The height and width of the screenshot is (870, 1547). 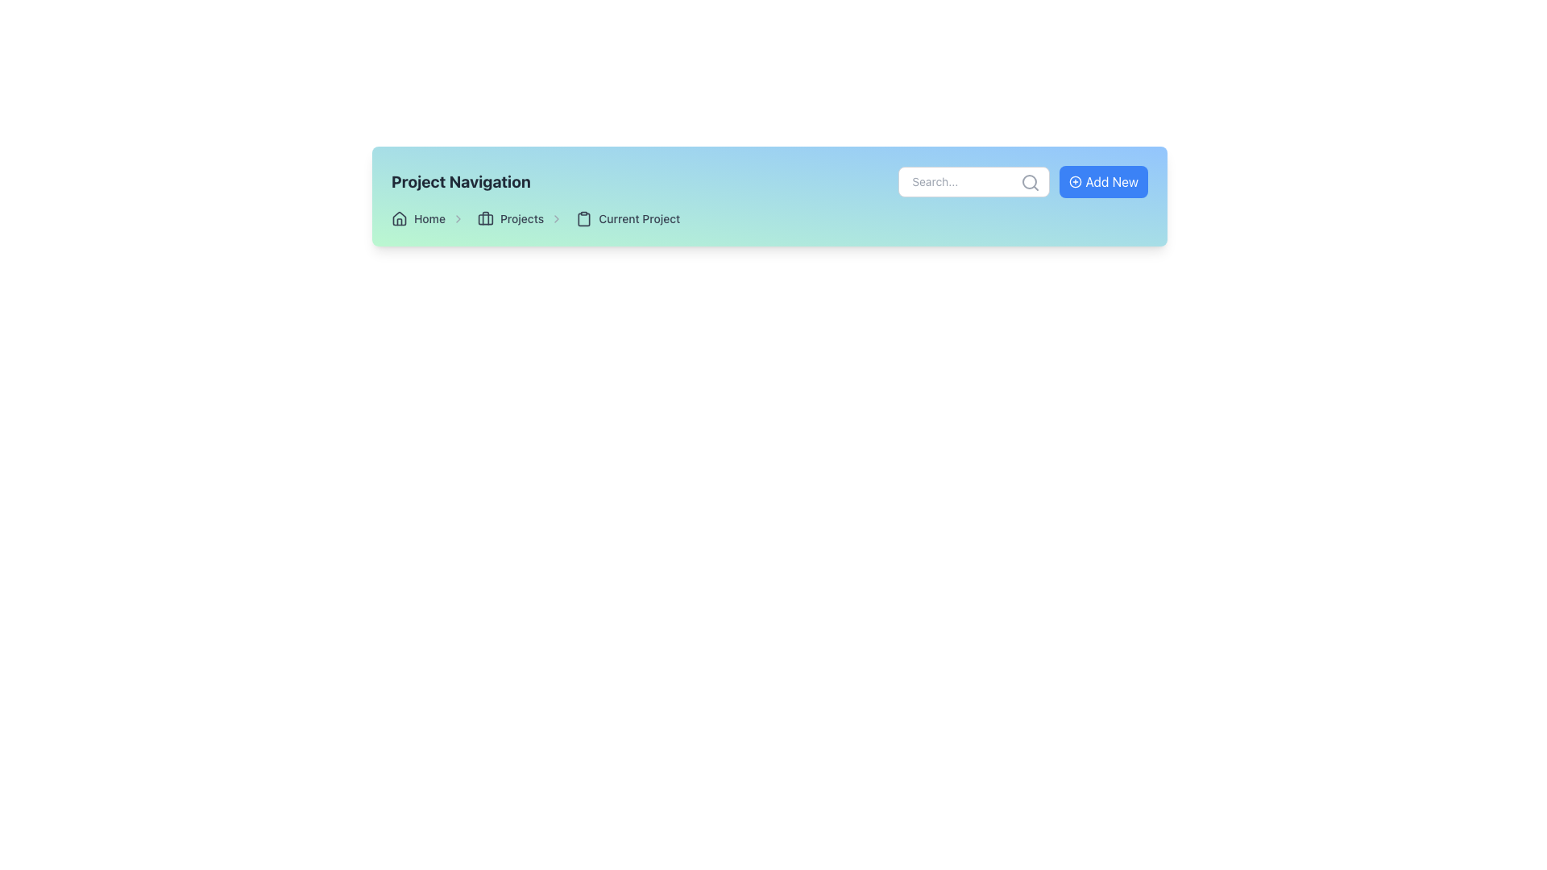 I want to click on the Static Text Display element that shows the phrase 'Project Navigation', which is styled in bold, large dark gray font against a gradient blue to green header bar, so click(x=460, y=181).